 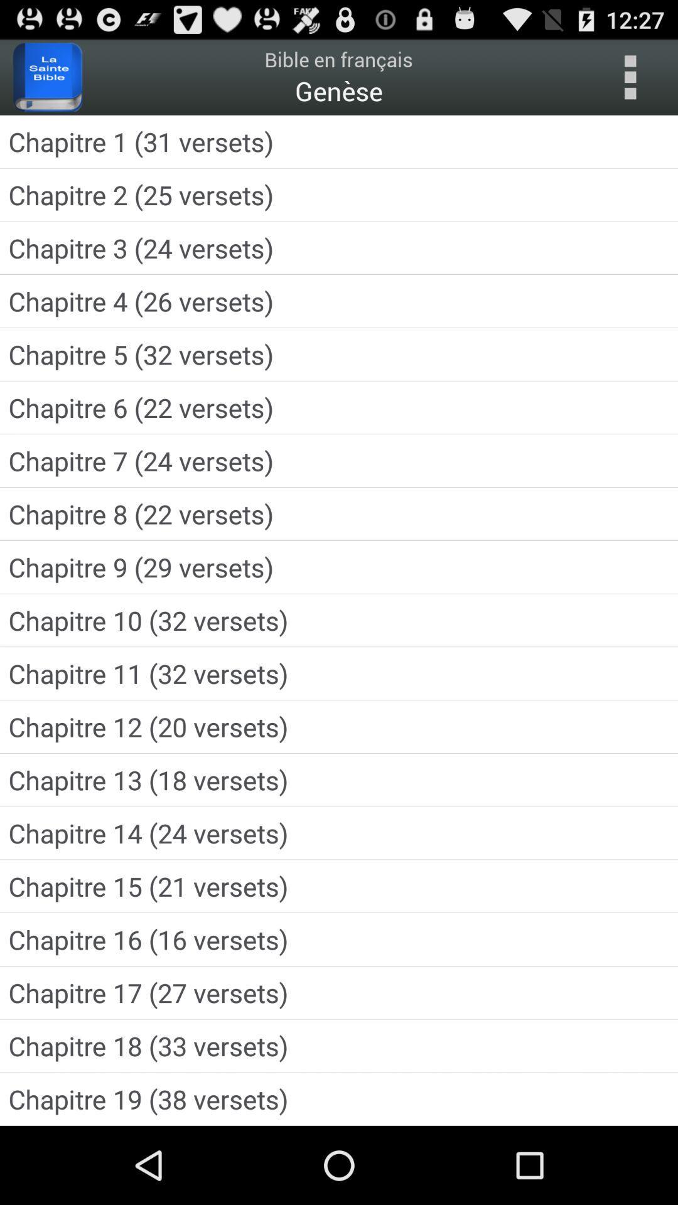 I want to click on the app below the chapitre 11 32 icon, so click(x=339, y=726).